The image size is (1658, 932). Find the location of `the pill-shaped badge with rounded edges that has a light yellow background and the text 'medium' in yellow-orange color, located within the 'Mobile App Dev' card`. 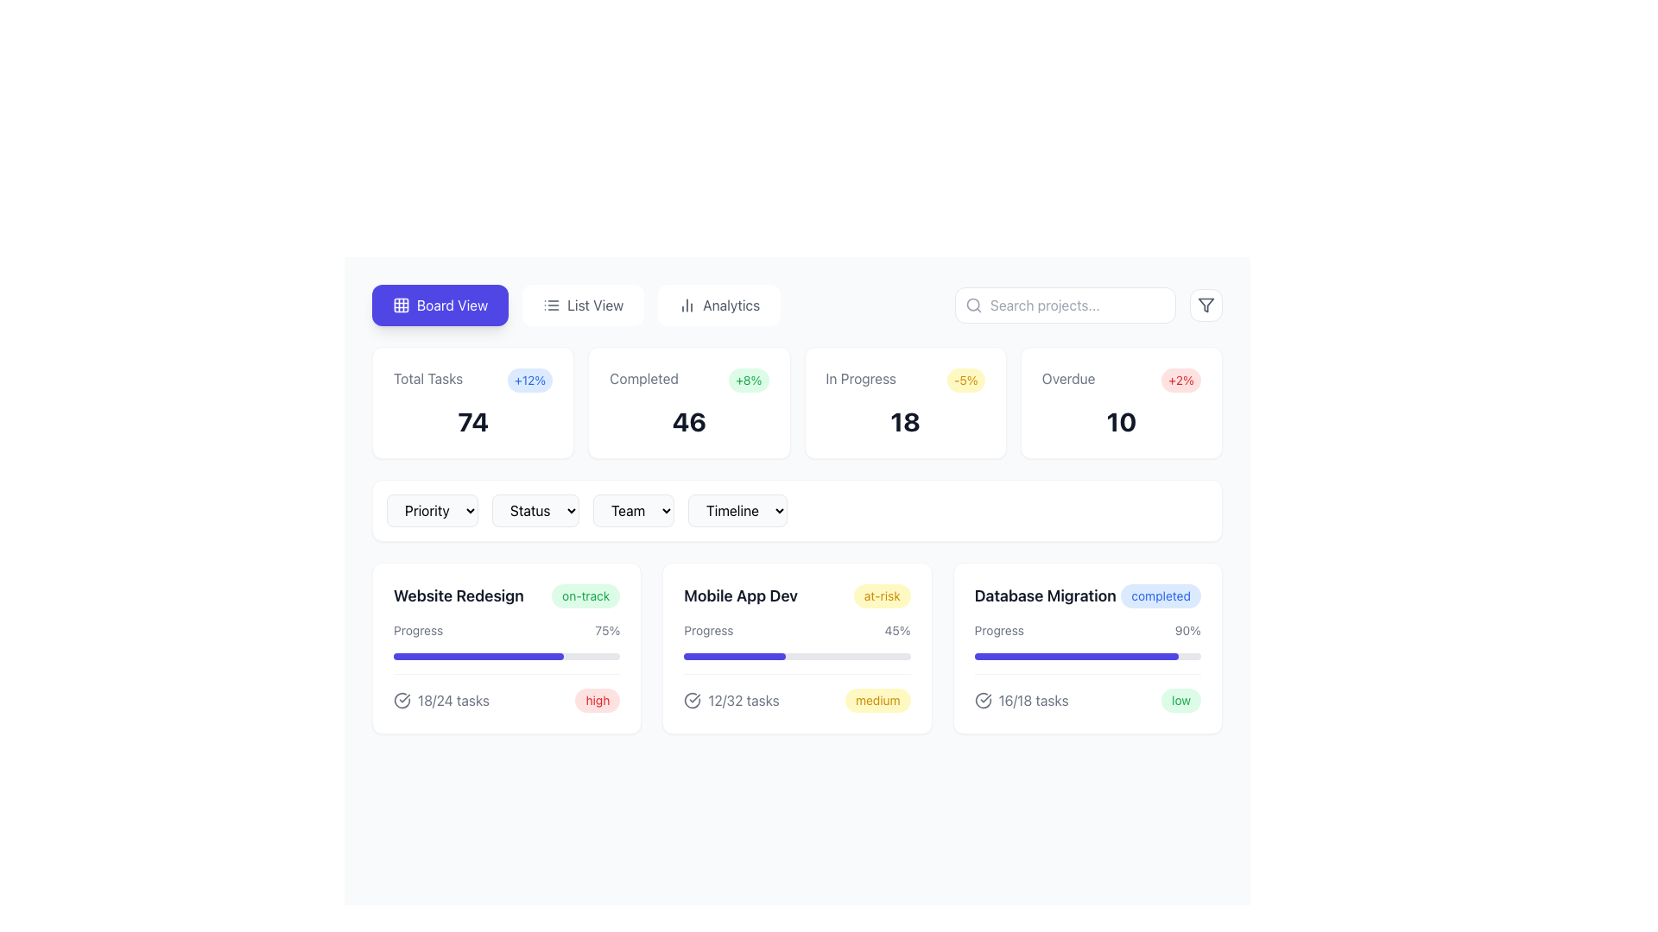

the pill-shaped badge with rounded edges that has a light yellow background and the text 'medium' in yellow-orange color, located within the 'Mobile App Dev' card is located at coordinates (877, 701).